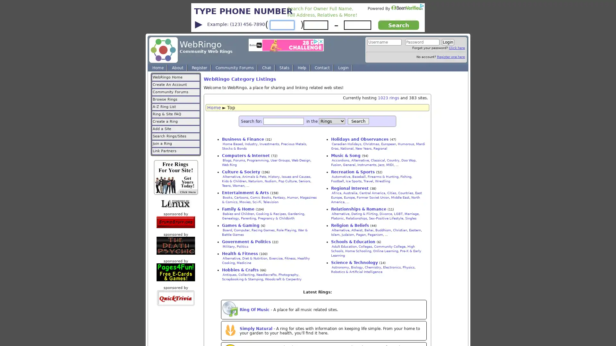  I want to click on Login, so click(448, 42).